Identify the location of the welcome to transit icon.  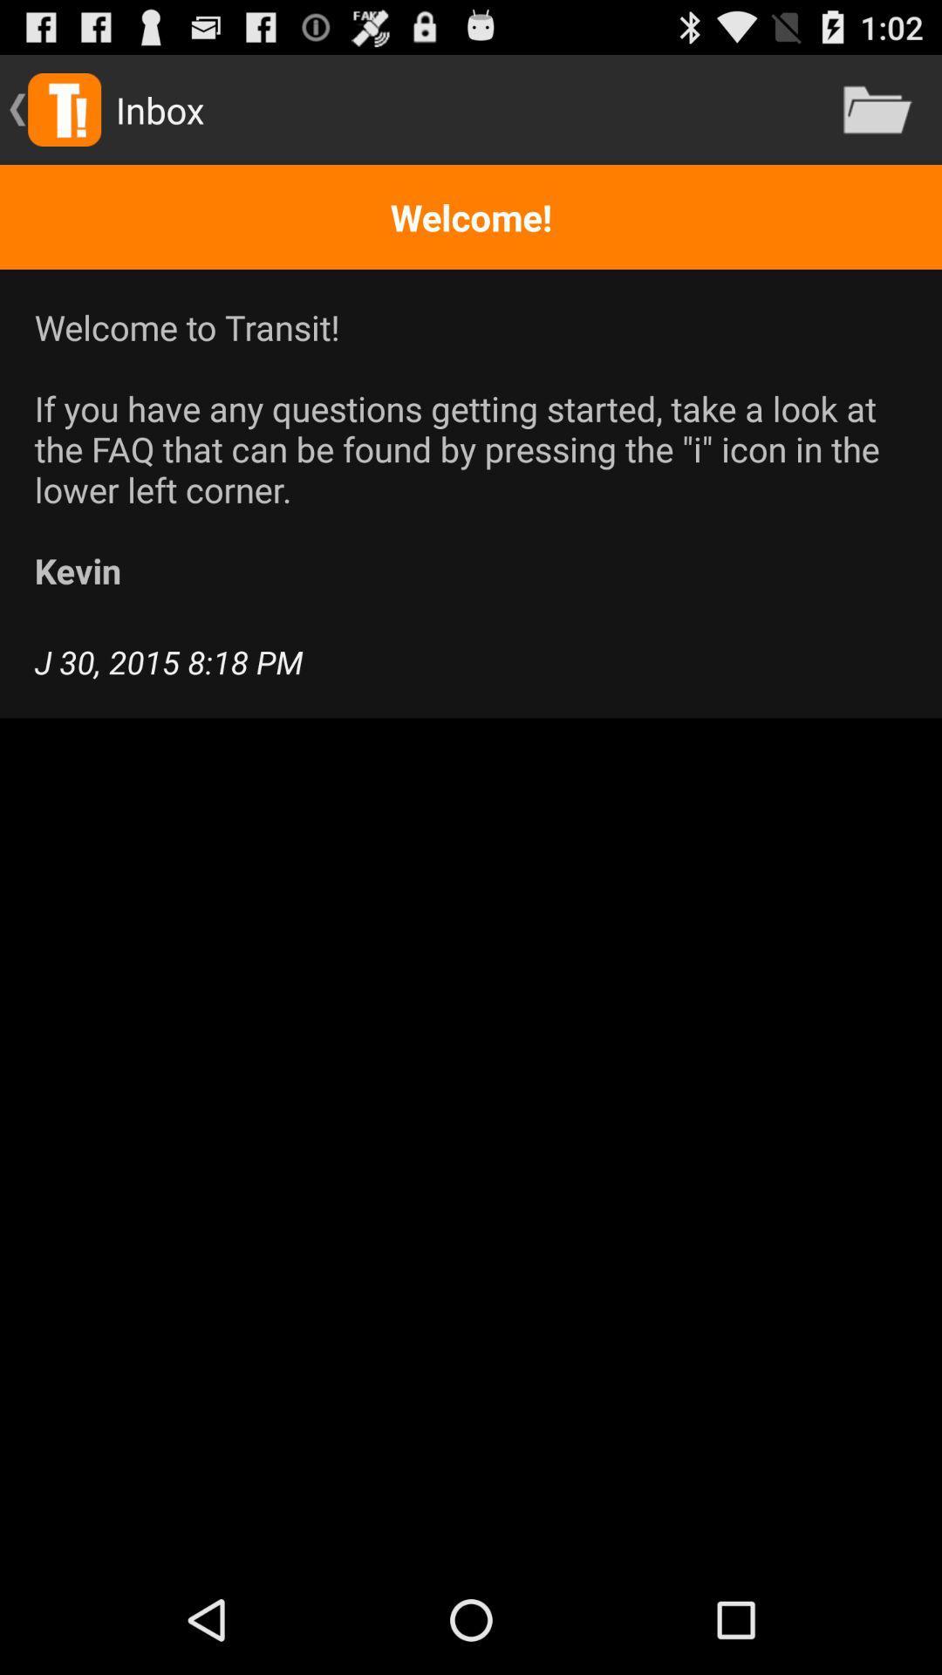
(471, 448).